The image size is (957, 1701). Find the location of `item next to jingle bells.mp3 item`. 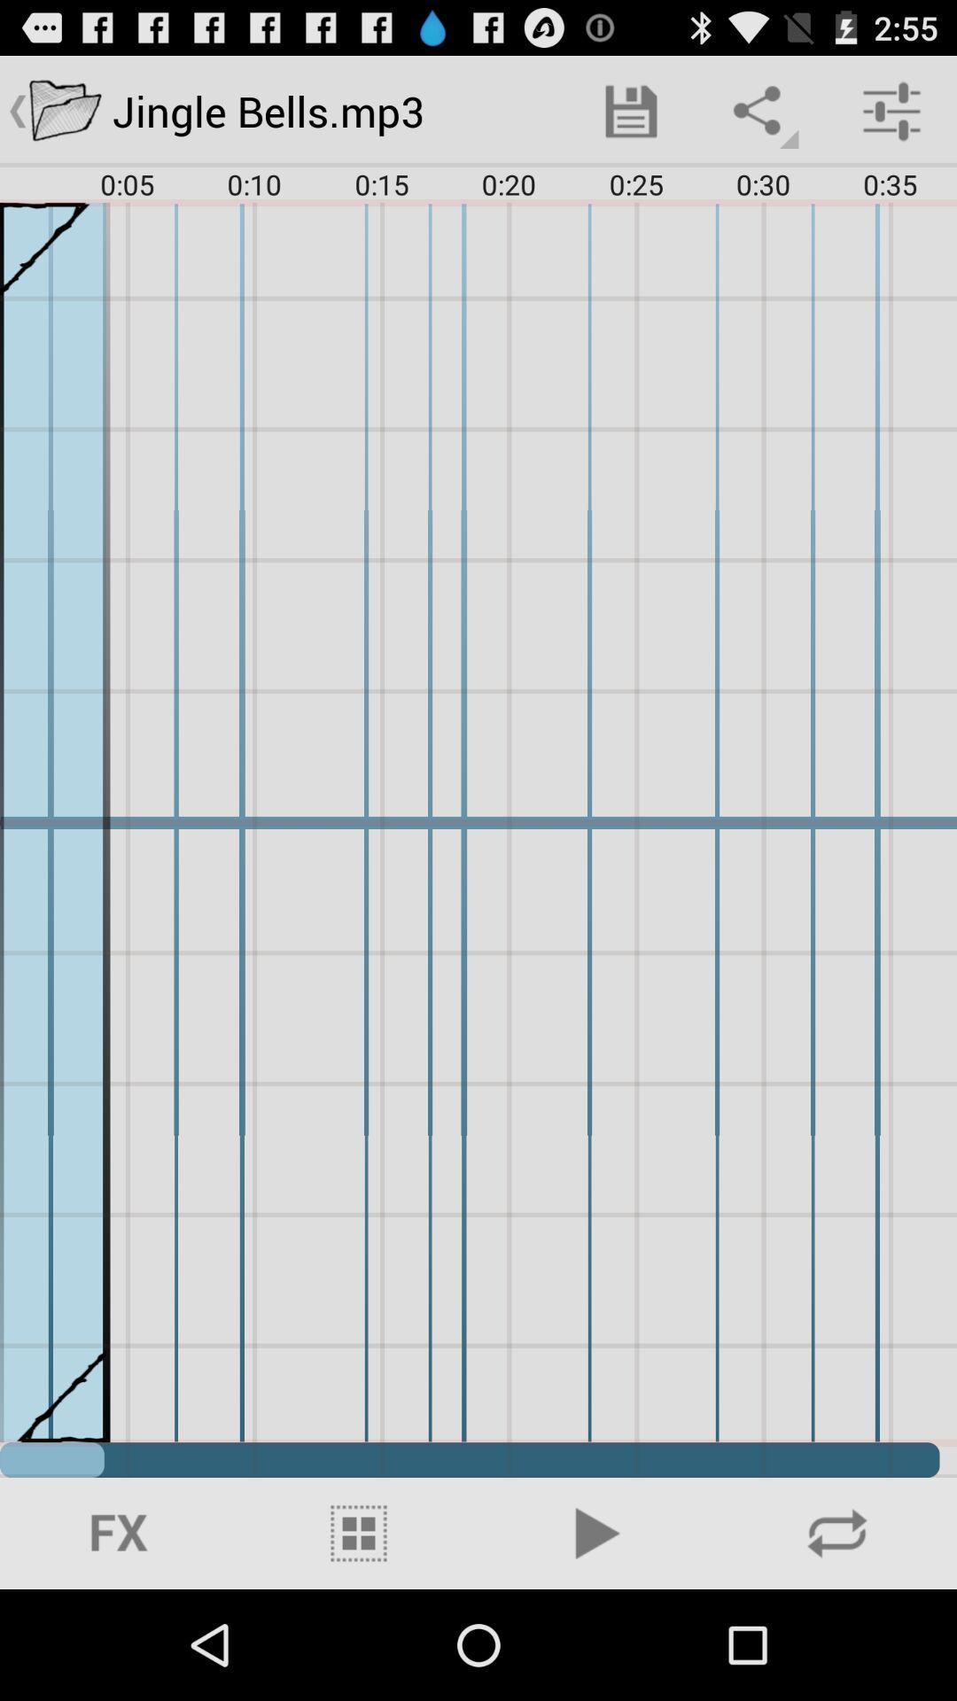

item next to jingle bells.mp3 item is located at coordinates (630, 110).